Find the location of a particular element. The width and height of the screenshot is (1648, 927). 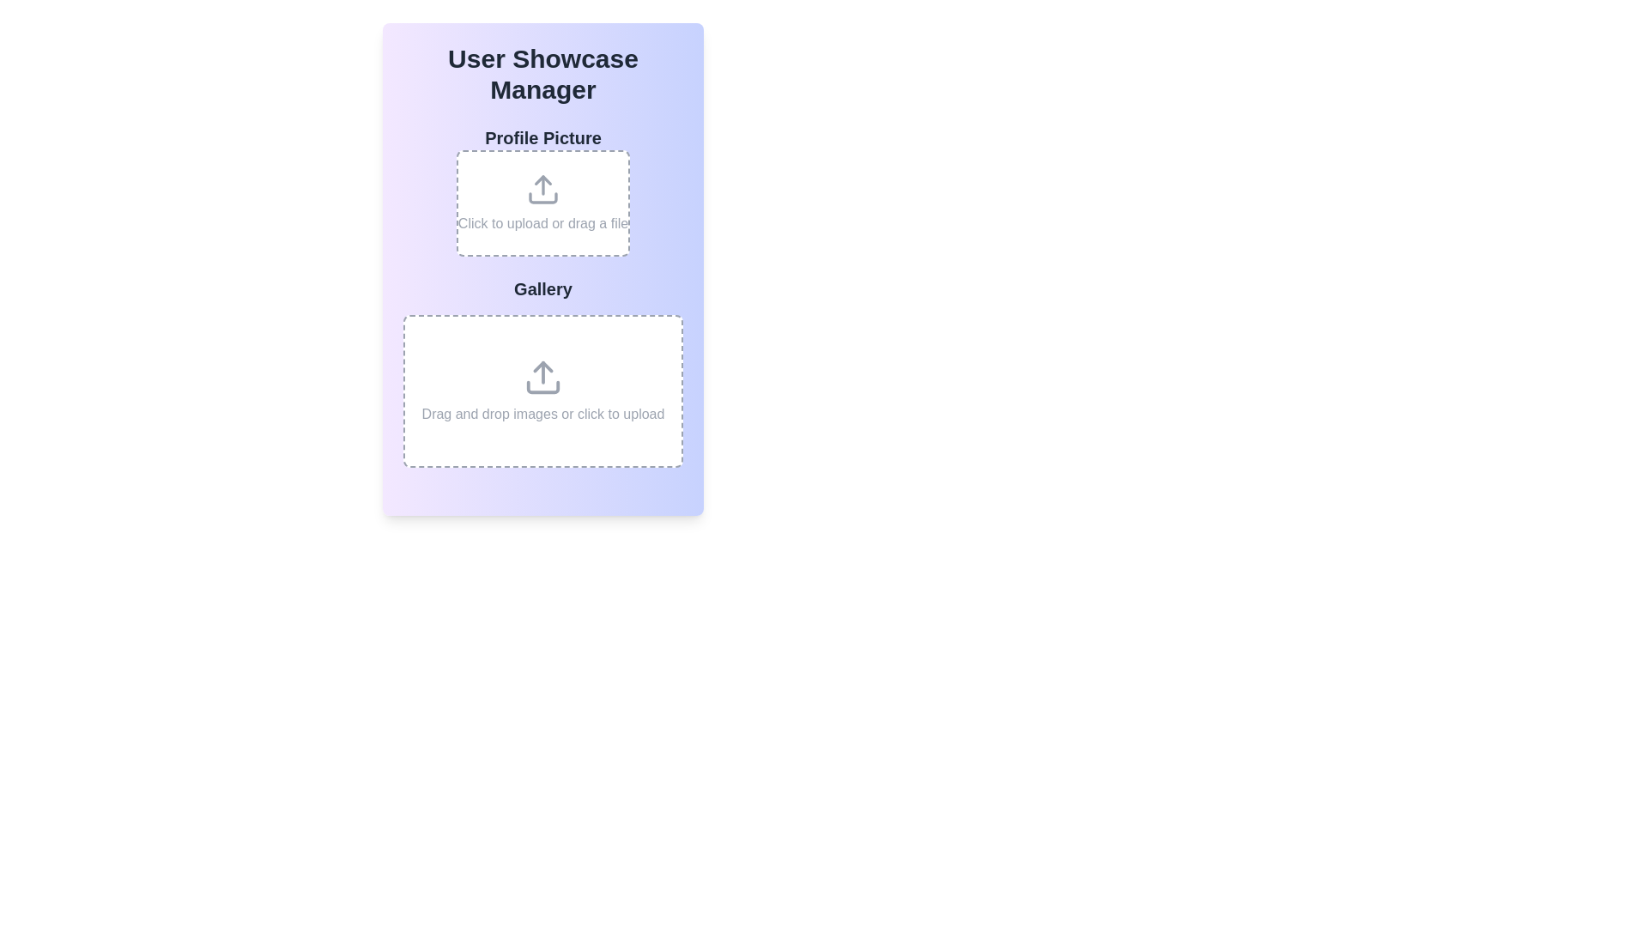

the large, bold text element that reads 'User Showcase Manager', which is positioned at the top-center of a gradient panel transitioning from purple to indigo is located at coordinates (542, 74).